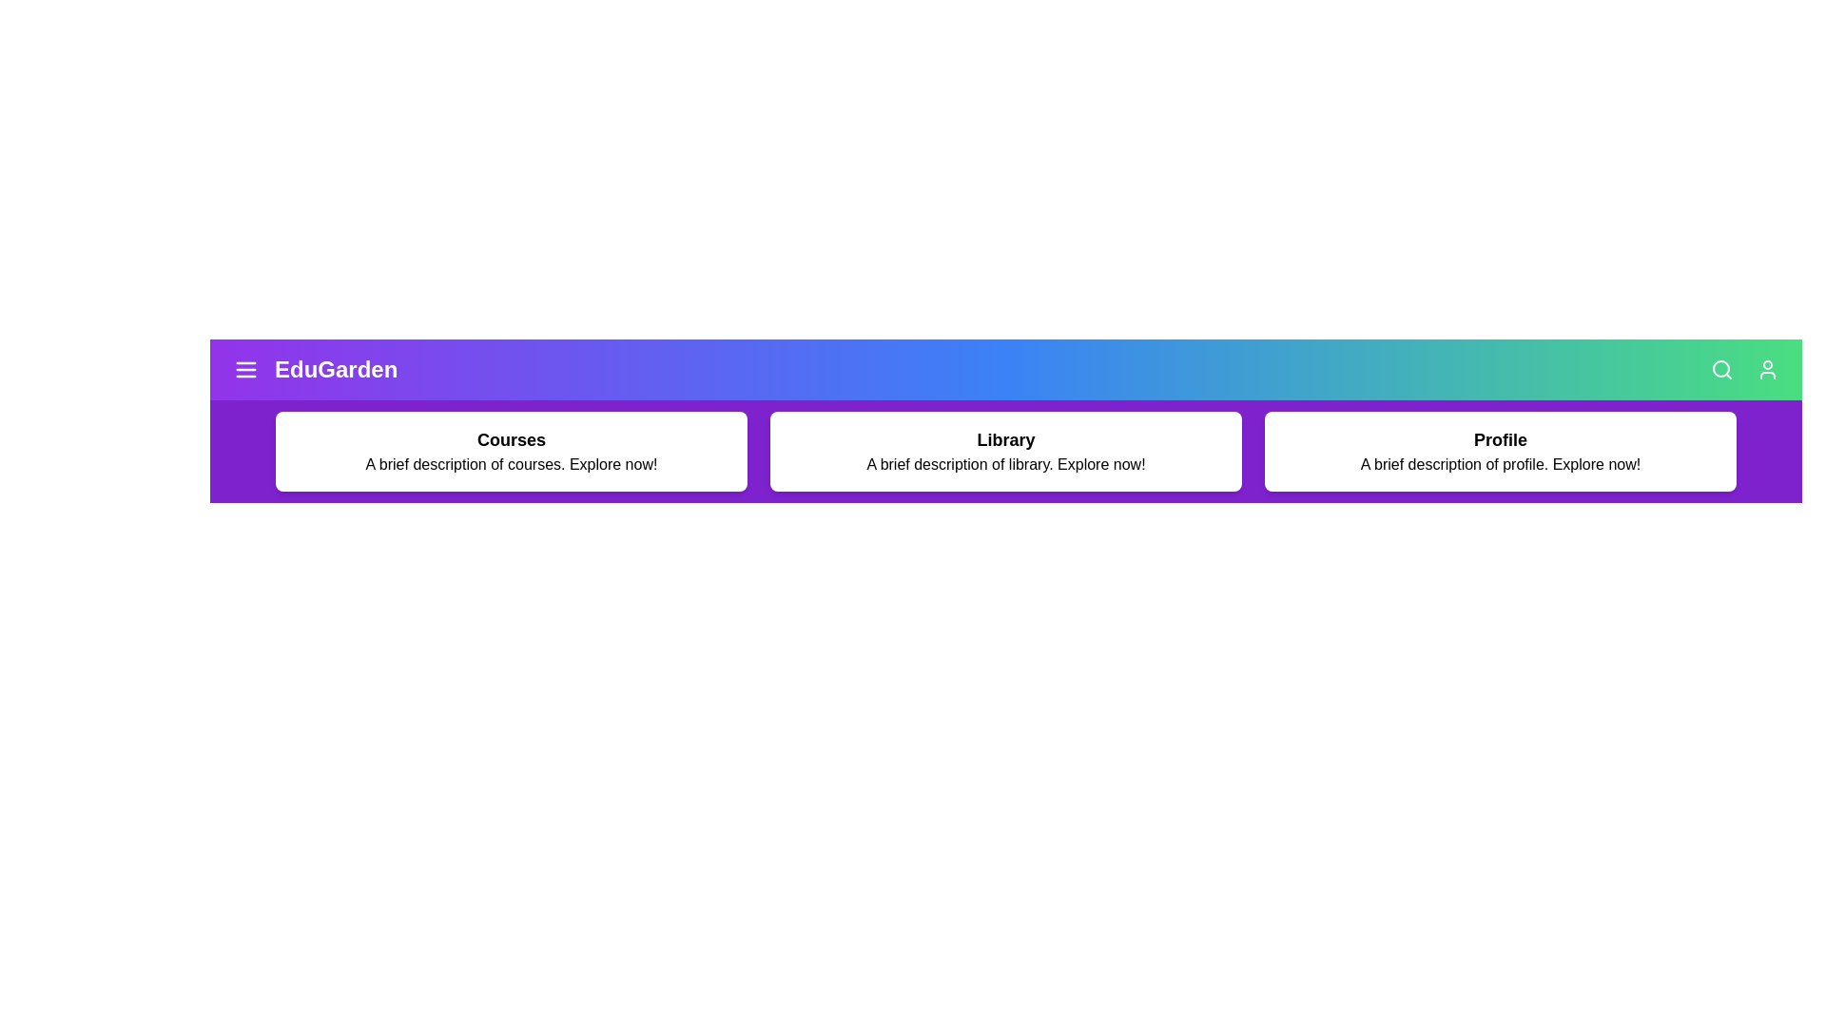 The width and height of the screenshot is (1826, 1027). I want to click on the 'Courses' card to explore courses, so click(511, 451).